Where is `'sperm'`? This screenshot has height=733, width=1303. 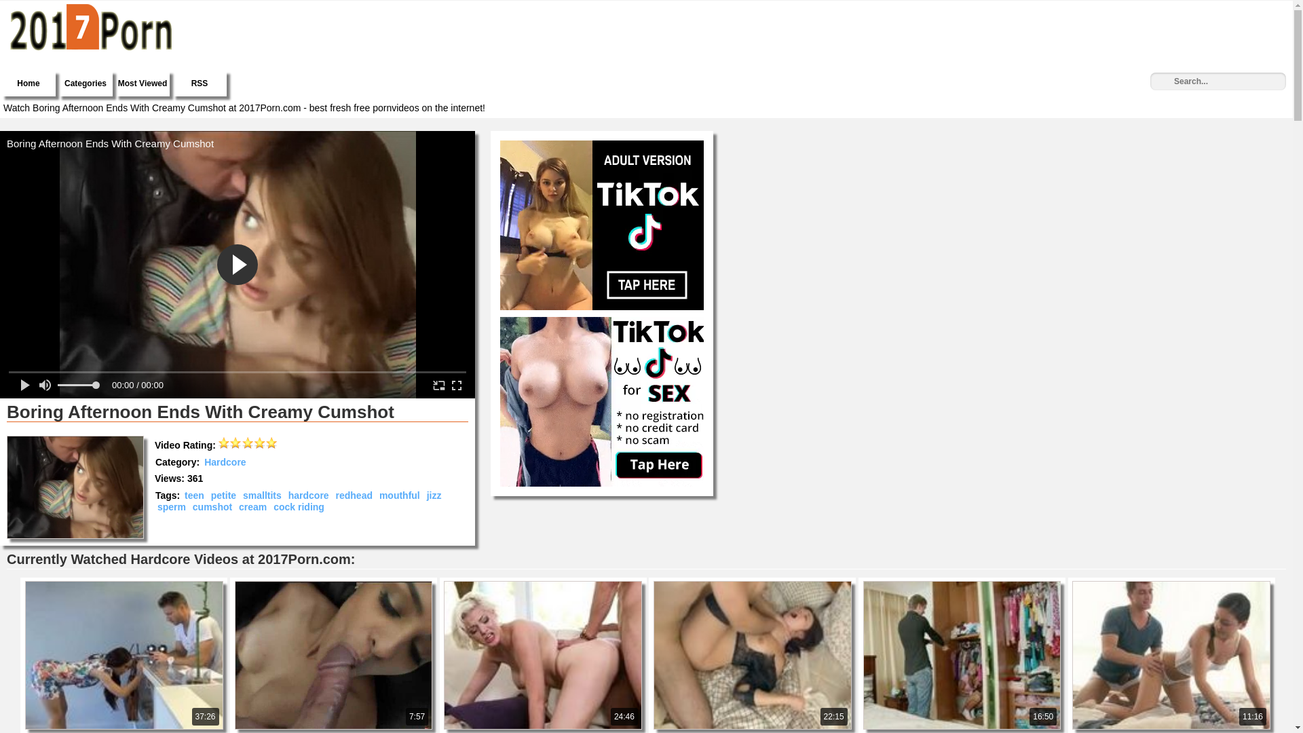
'sperm' is located at coordinates (171, 507).